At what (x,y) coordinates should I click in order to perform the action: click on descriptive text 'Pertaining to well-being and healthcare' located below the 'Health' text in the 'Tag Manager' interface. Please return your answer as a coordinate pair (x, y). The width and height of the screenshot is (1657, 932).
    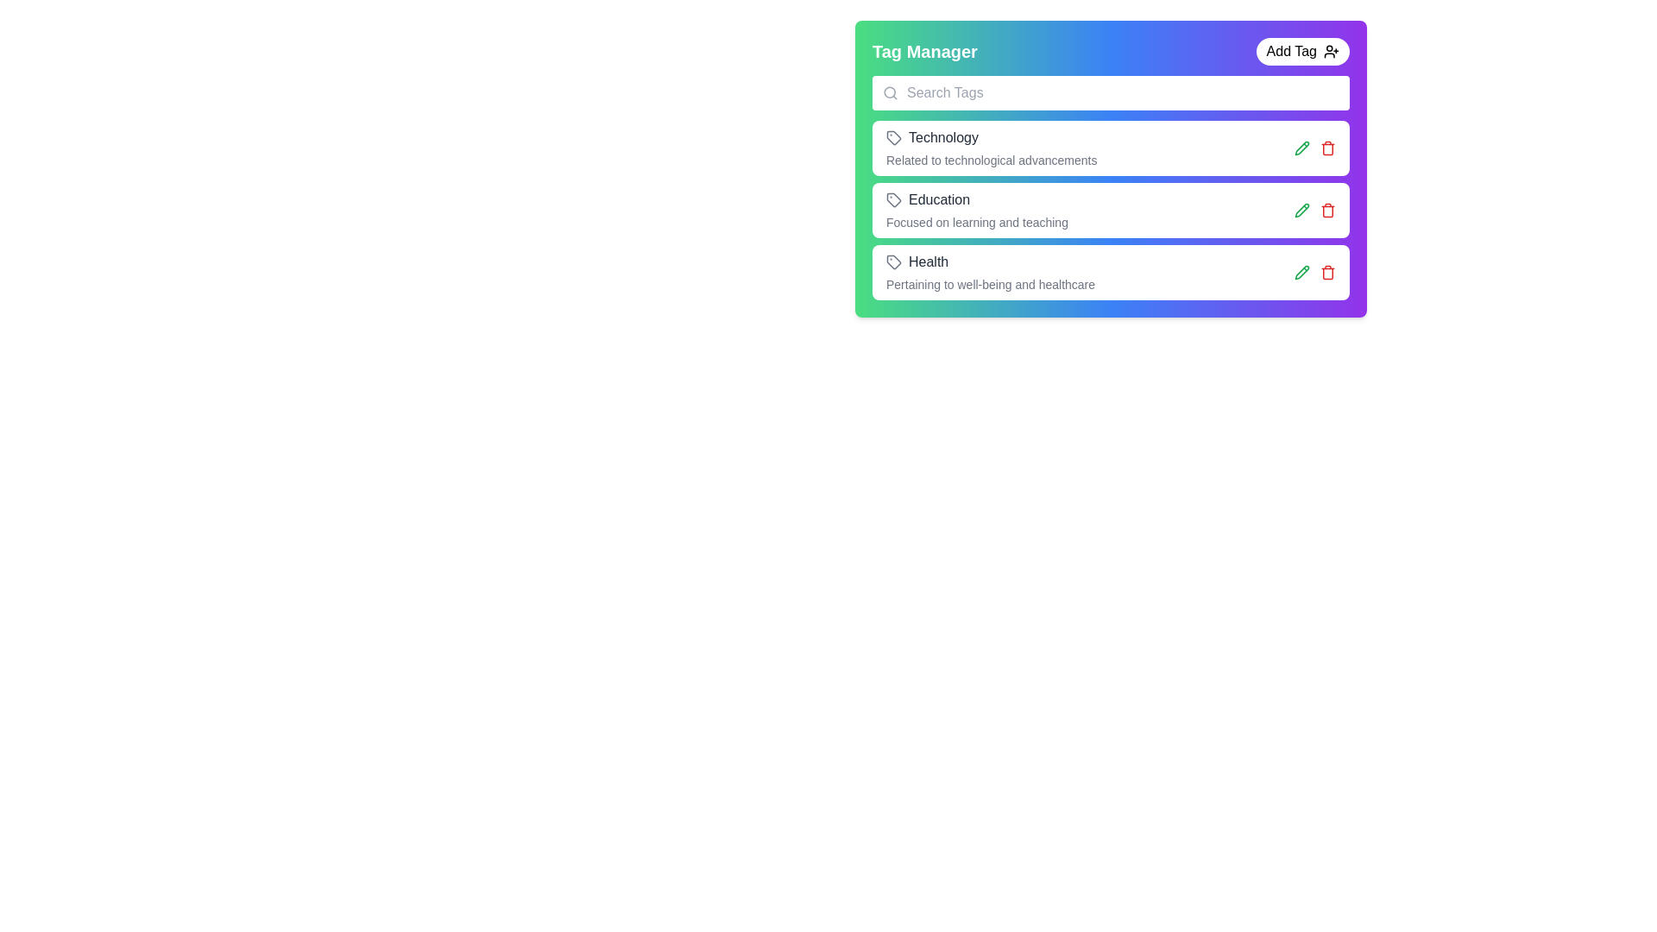
    Looking at the image, I should click on (990, 284).